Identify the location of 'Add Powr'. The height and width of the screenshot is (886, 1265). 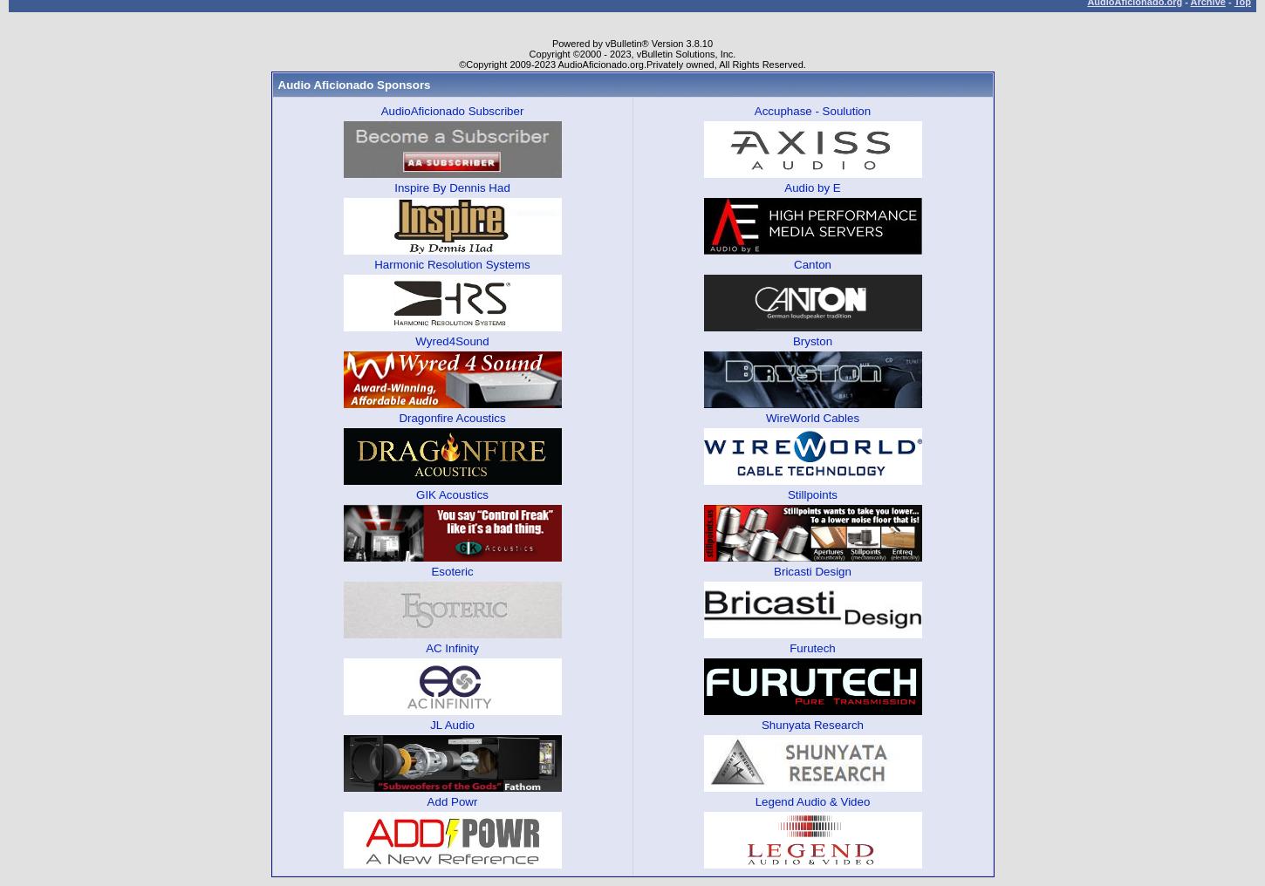
(426, 800).